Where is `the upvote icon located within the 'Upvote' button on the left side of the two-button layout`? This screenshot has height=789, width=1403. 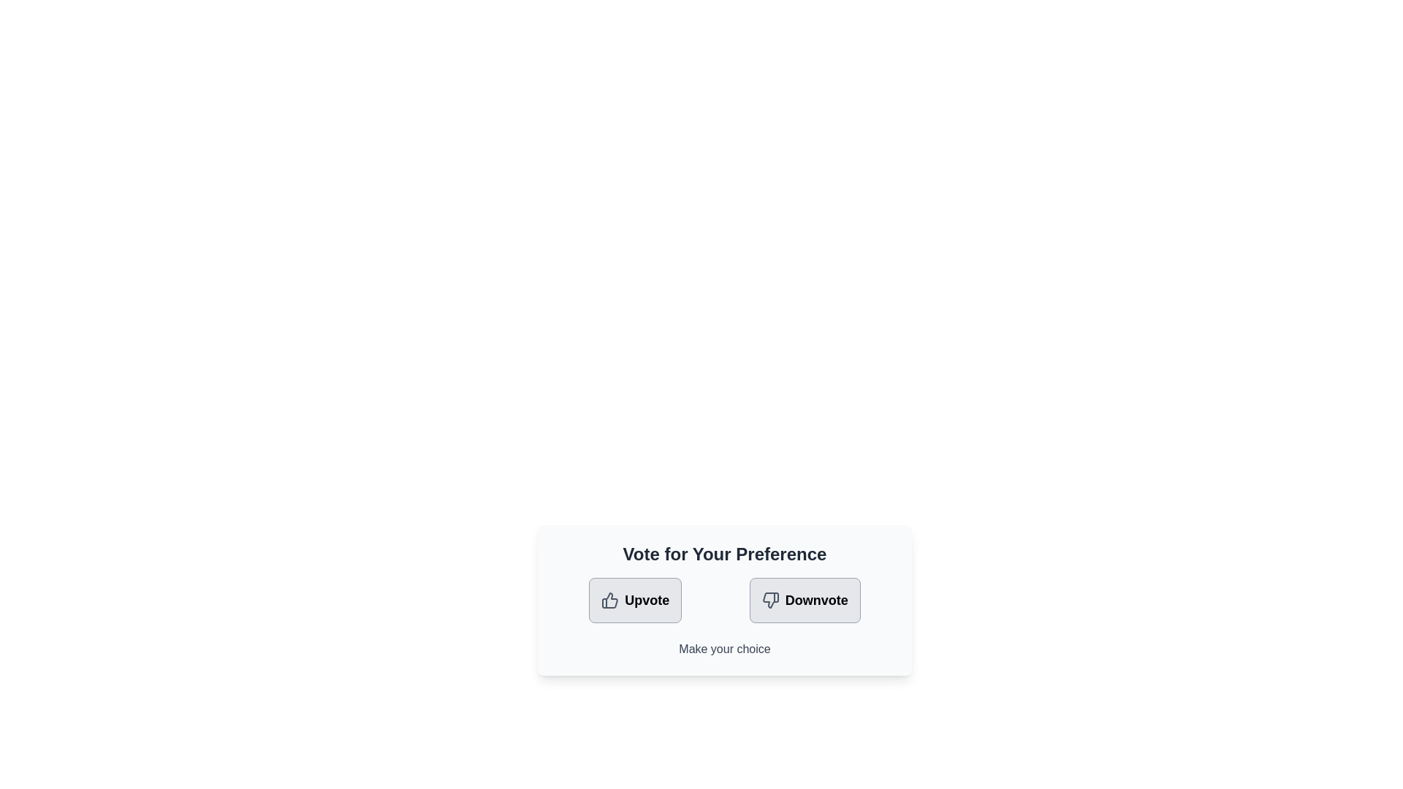
the upvote icon located within the 'Upvote' button on the left side of the two-button layout is located at coordinates (610, 600).